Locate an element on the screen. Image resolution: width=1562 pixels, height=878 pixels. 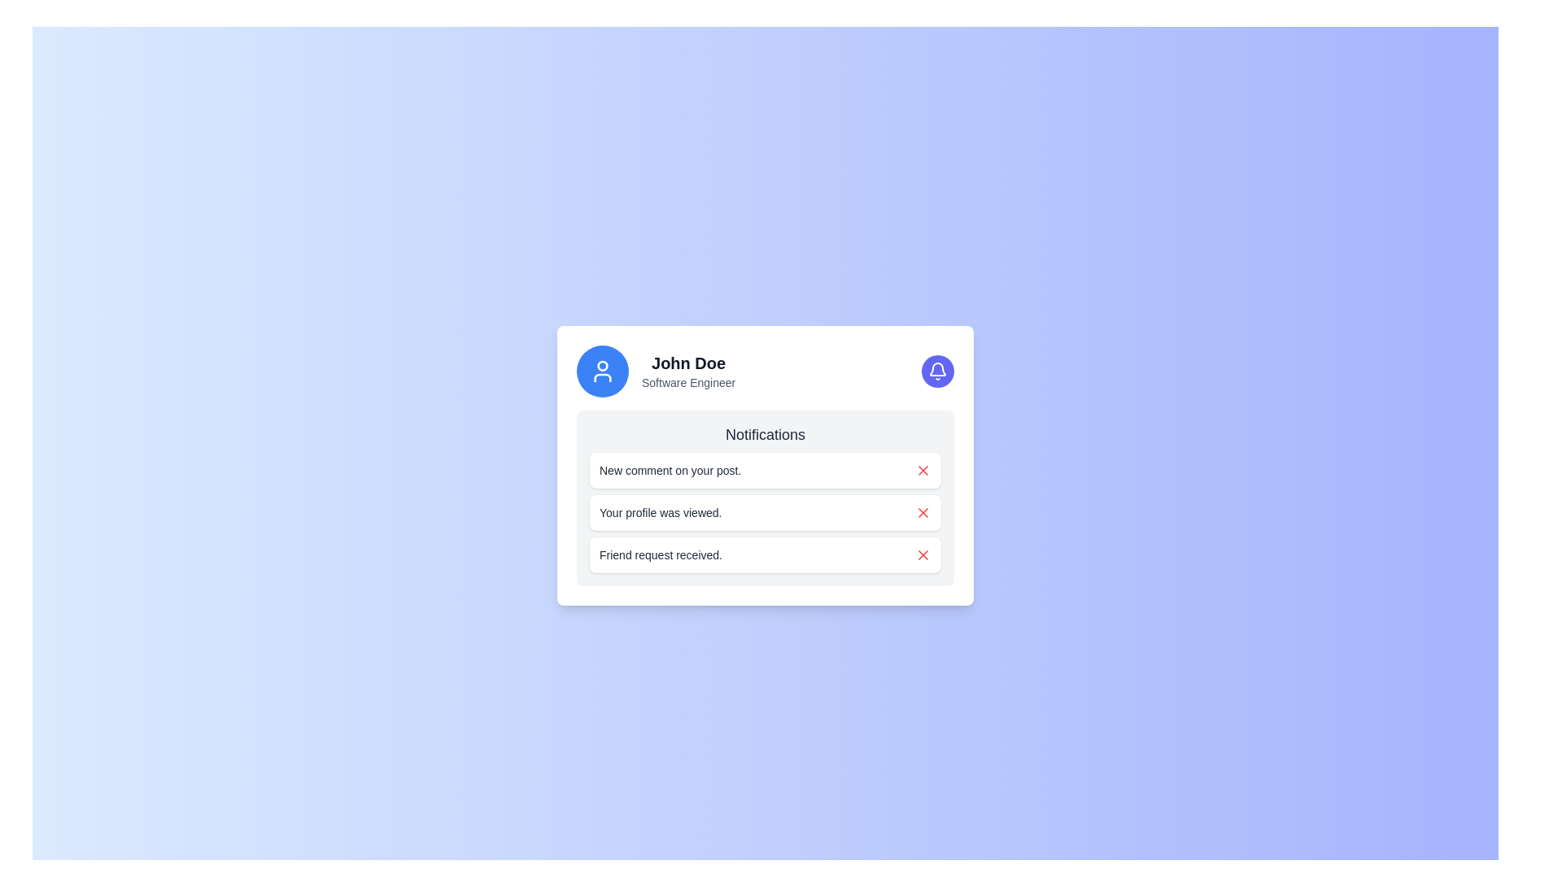
the red close button ('X') located to the right of the notification text 'Friend request received' to trigger the color change is located at coordinates (923, 554).